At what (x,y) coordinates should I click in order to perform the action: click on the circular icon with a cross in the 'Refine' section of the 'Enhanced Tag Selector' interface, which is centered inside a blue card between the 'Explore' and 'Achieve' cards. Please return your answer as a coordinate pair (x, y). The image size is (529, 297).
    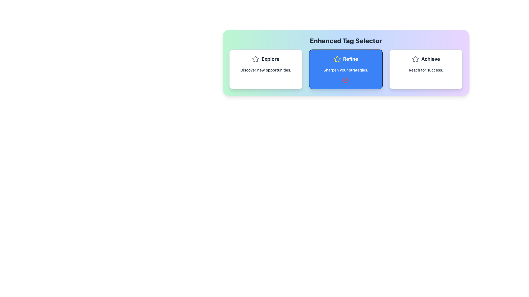
    Looking at the image, I should click on (346, 80).